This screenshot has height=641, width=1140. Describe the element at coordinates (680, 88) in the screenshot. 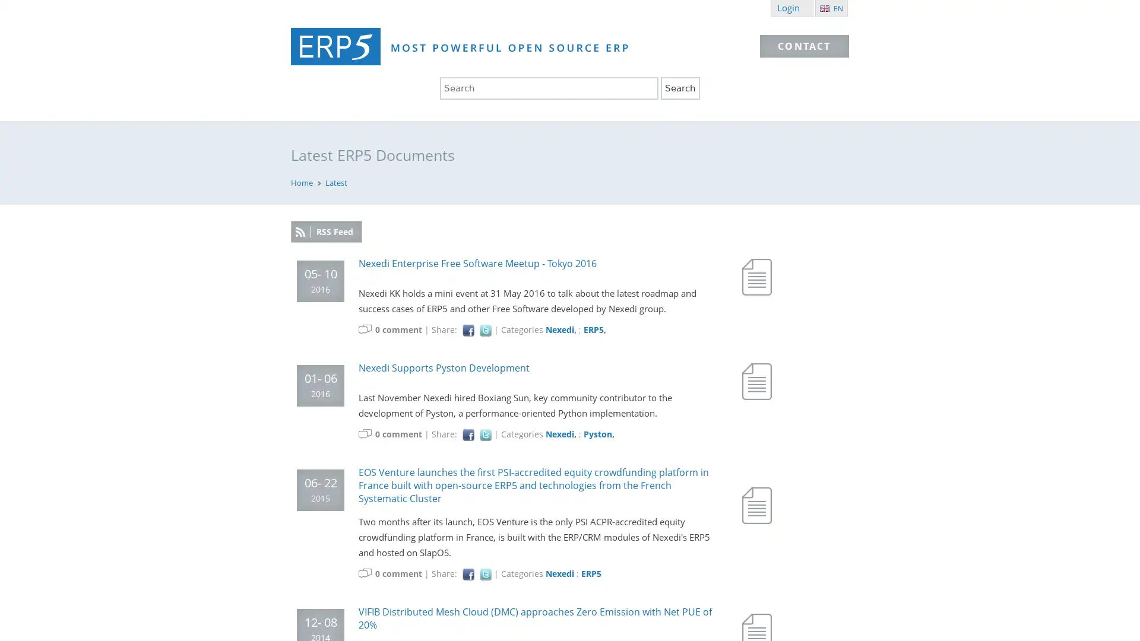

I see `Search` at that location.